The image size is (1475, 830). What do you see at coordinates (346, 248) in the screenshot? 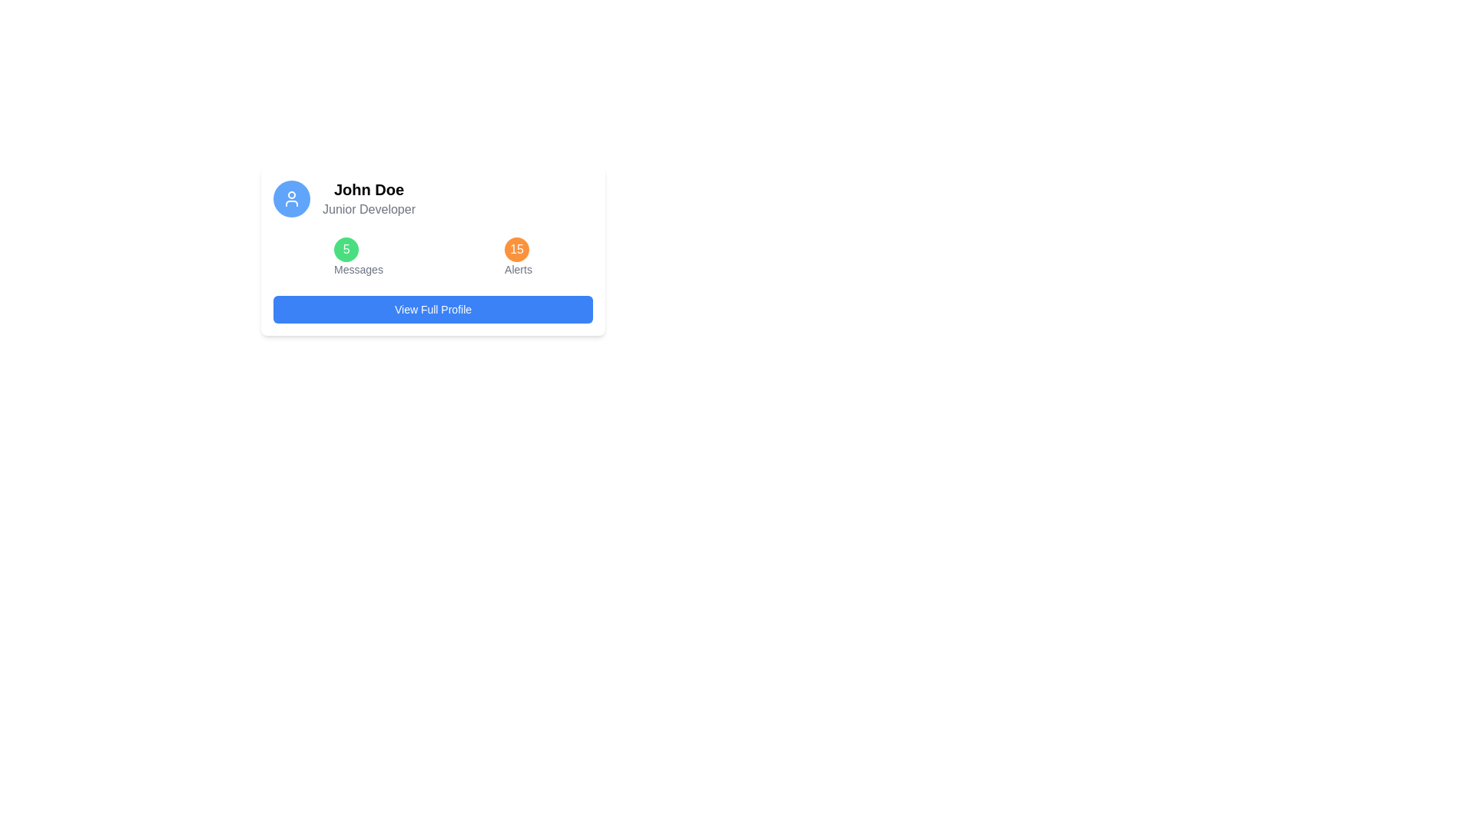
I see `the Badge element that displays a notification count associated with the 'Messages' label, located in the top-left region relative to the '15 Alerts' badge` at bounding box center [346, 248].